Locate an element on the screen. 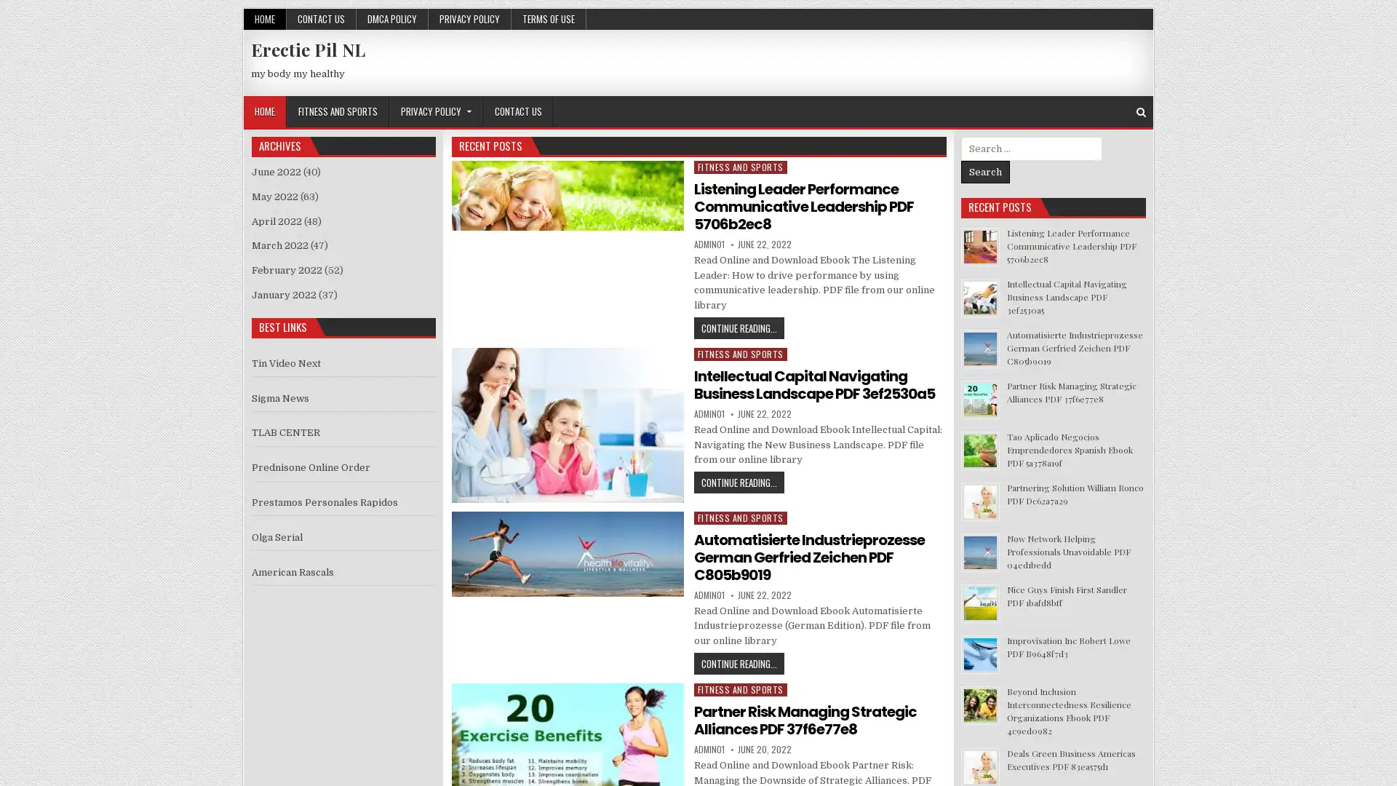 This screenshot has width=1397, height=786. Search is located at coordinates (985, 171).